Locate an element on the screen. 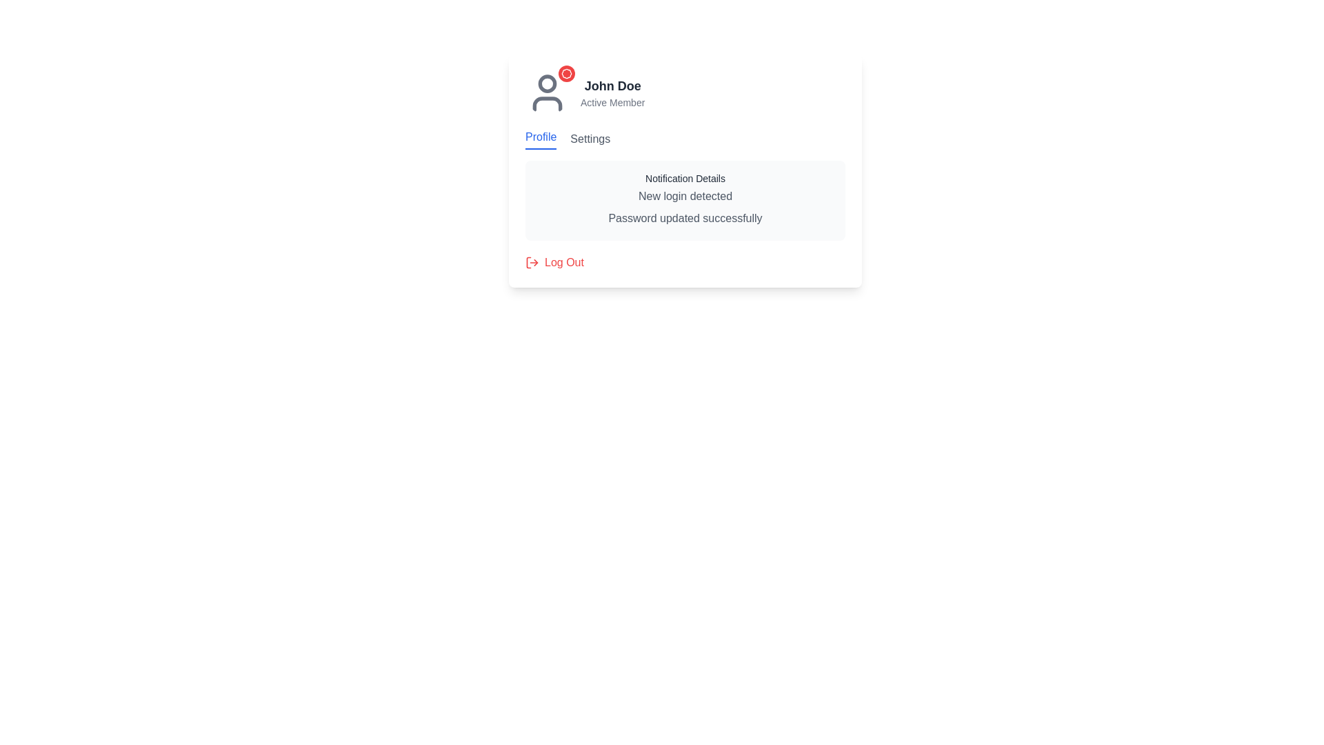 This screenshot has height=745, width=1324. the informational card section that displays user notifications or status messages, located below the 'Profile' and 'Settings' tabs in the card layout is located at coordinates (685, 170).